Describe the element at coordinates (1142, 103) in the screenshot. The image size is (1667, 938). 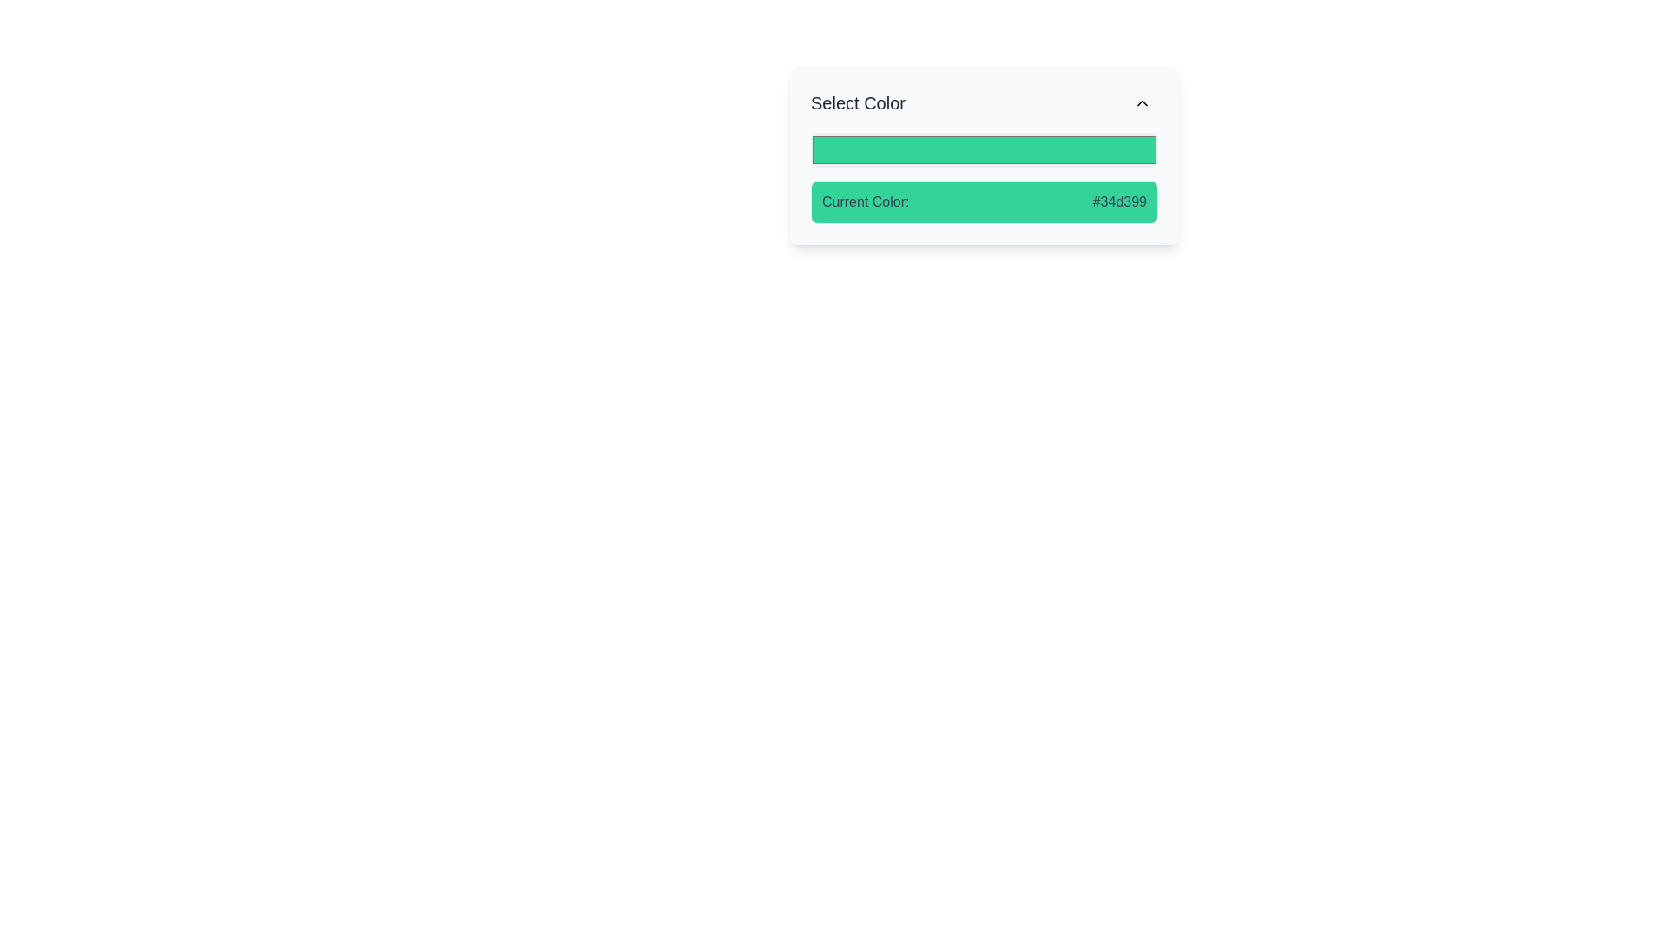
I see `the chevron (upwards arrow) located in the top-right corner of the 'Select Color' card` at that location.